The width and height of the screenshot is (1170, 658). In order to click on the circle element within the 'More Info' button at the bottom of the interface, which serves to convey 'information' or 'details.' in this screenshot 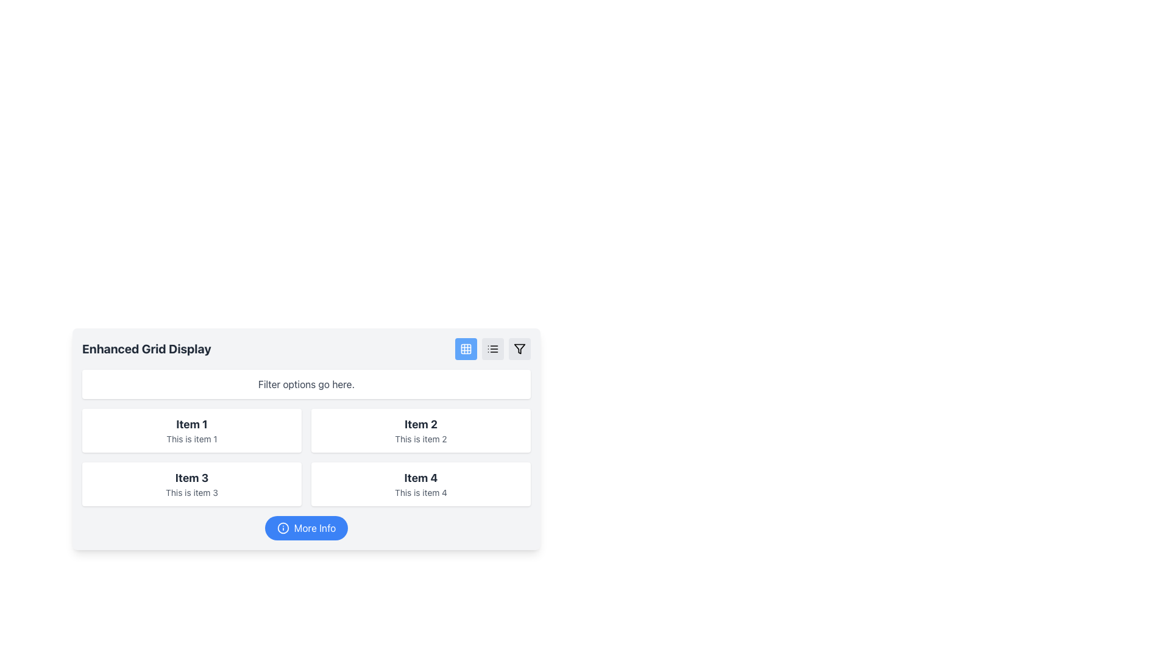, I will do `click(282, 528)`.